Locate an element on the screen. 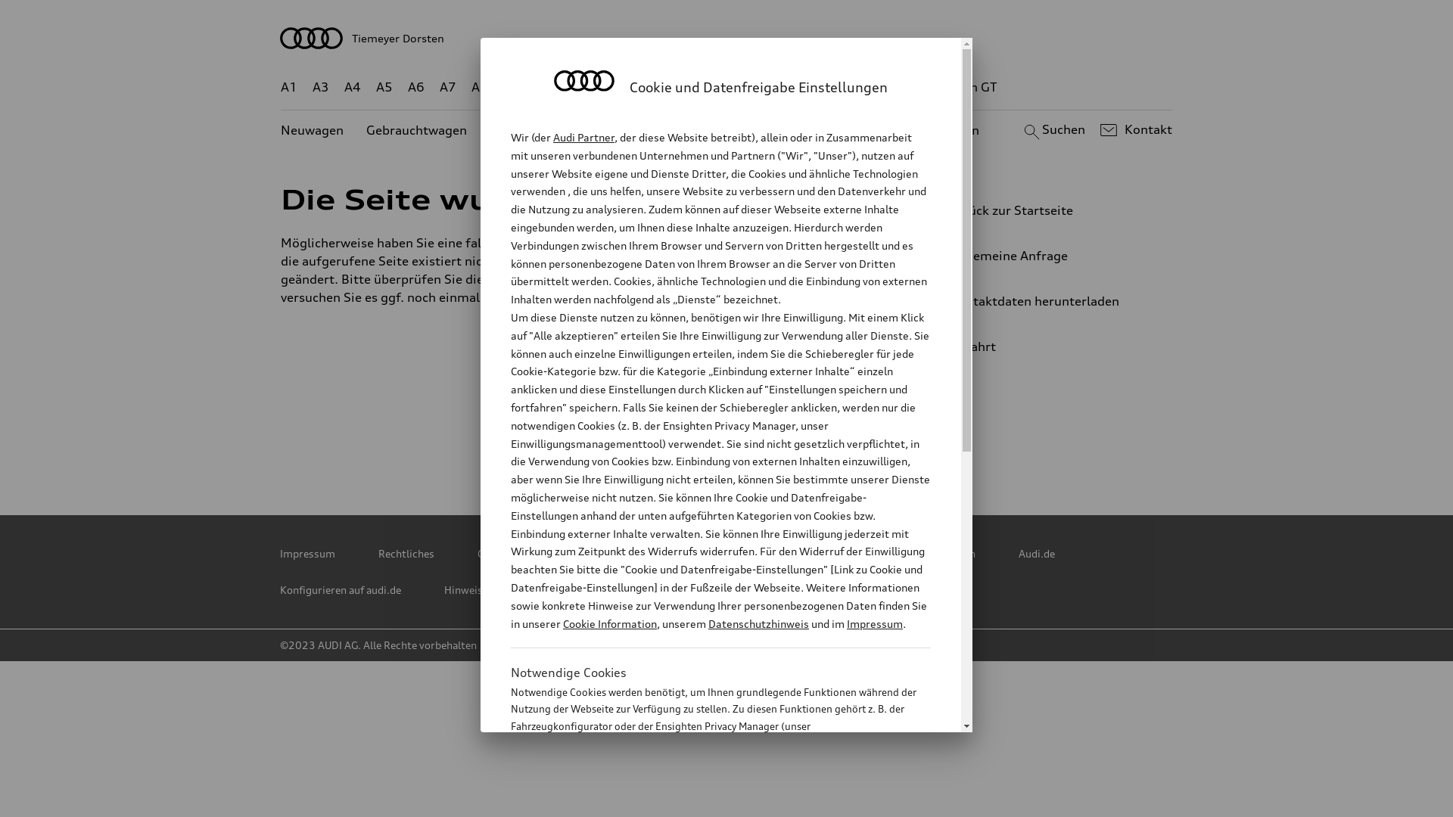 This screenshot has height=817, width=1453. 'Instagram' is located at coordinates (643, 443).